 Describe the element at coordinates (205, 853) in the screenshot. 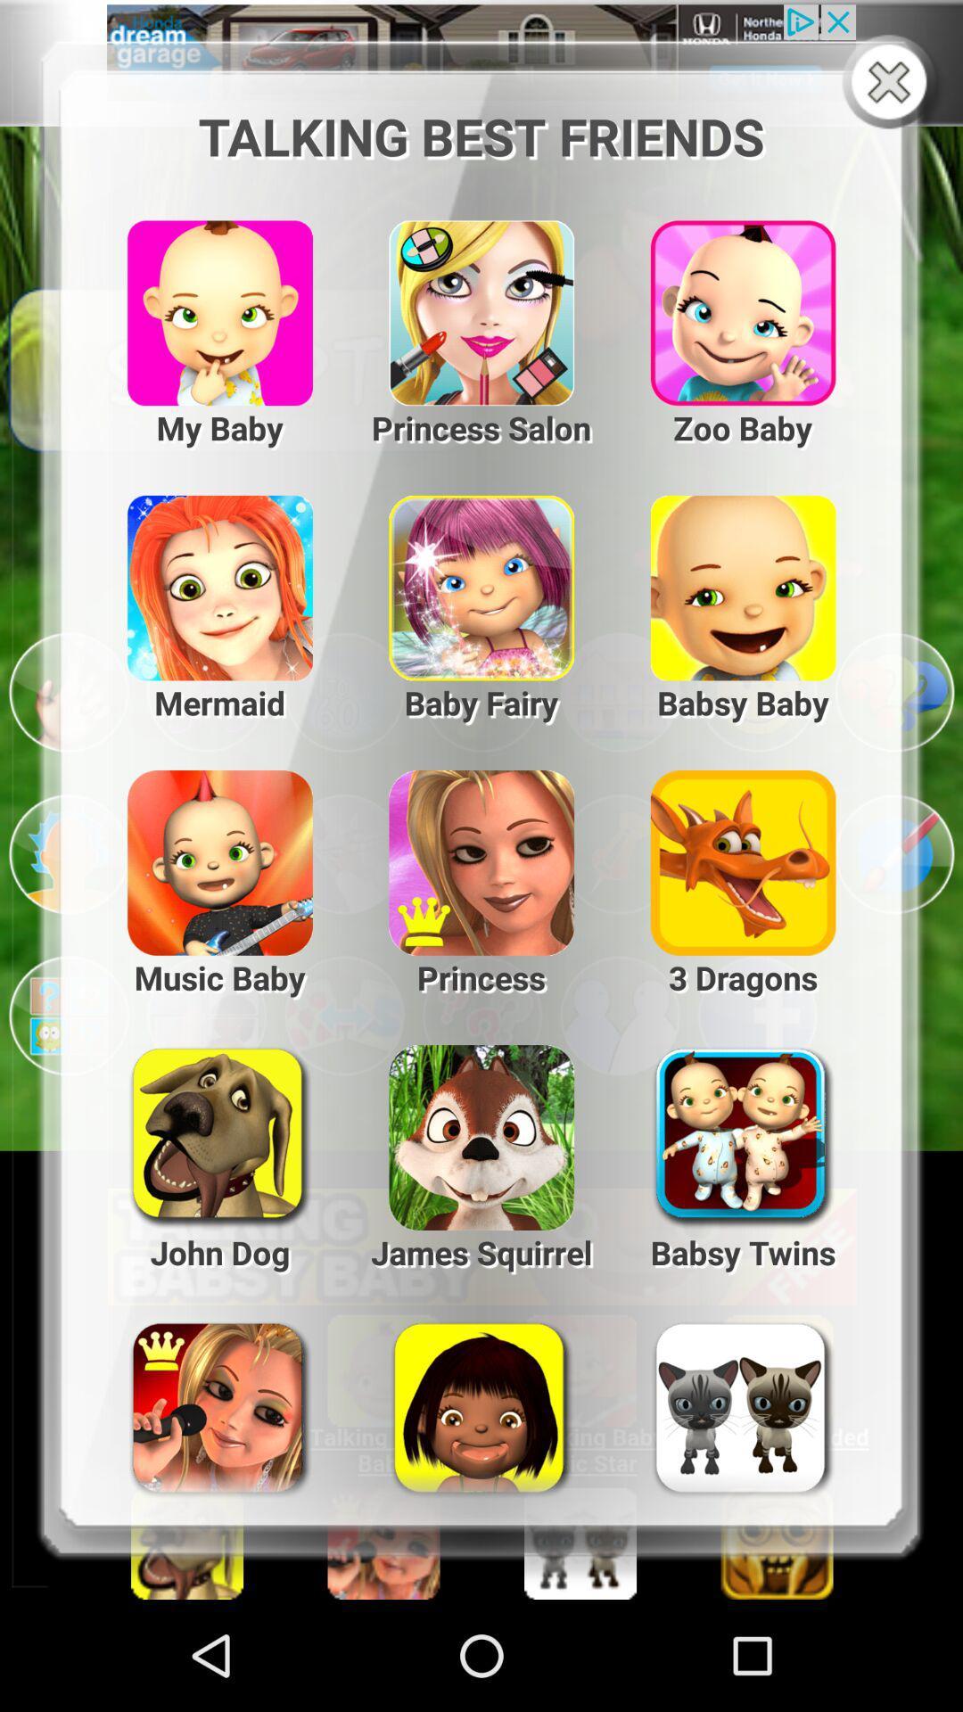

I see `image of a music baby` at that location.